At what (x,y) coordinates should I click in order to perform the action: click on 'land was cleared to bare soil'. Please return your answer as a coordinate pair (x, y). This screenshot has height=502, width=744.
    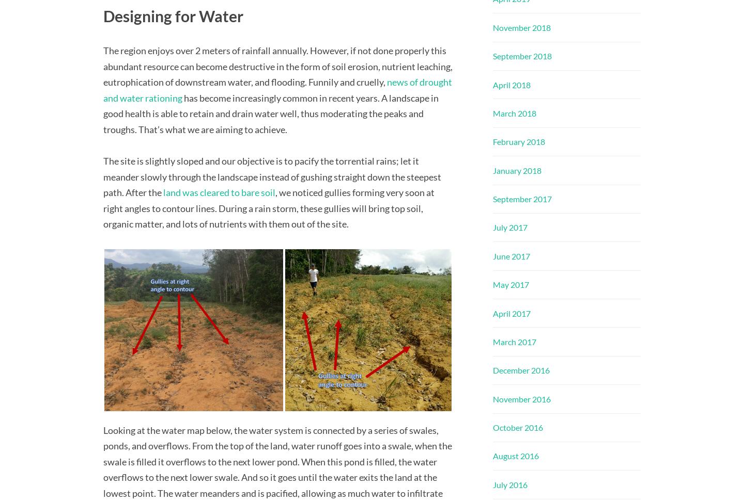
    Looking at the image, I should click on (219, 192).